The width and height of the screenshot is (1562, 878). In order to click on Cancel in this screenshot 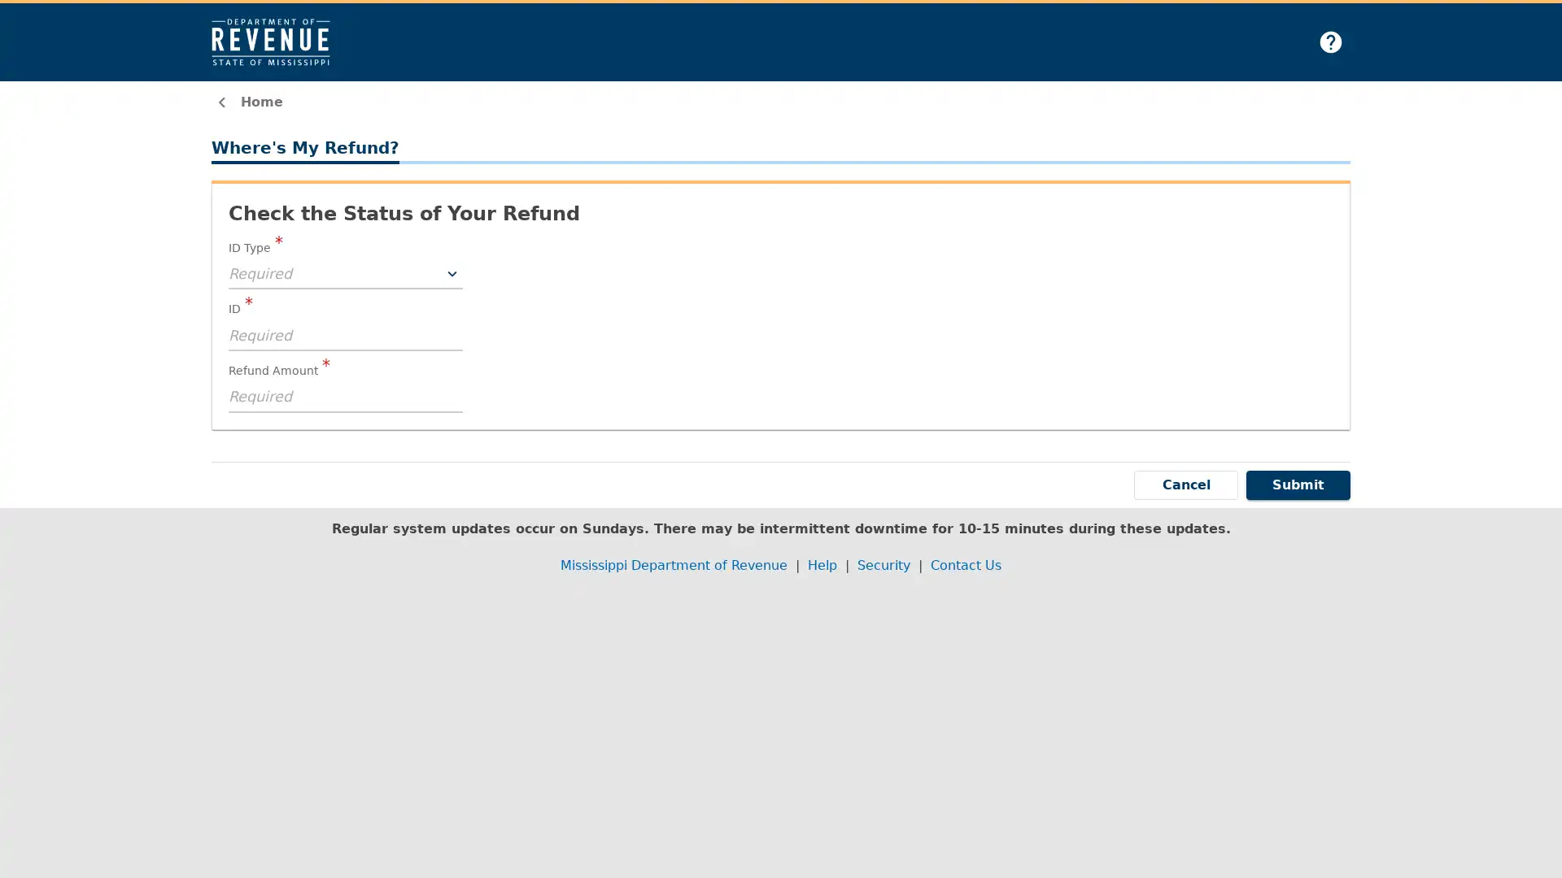, I will do `click(1186, 484)`.